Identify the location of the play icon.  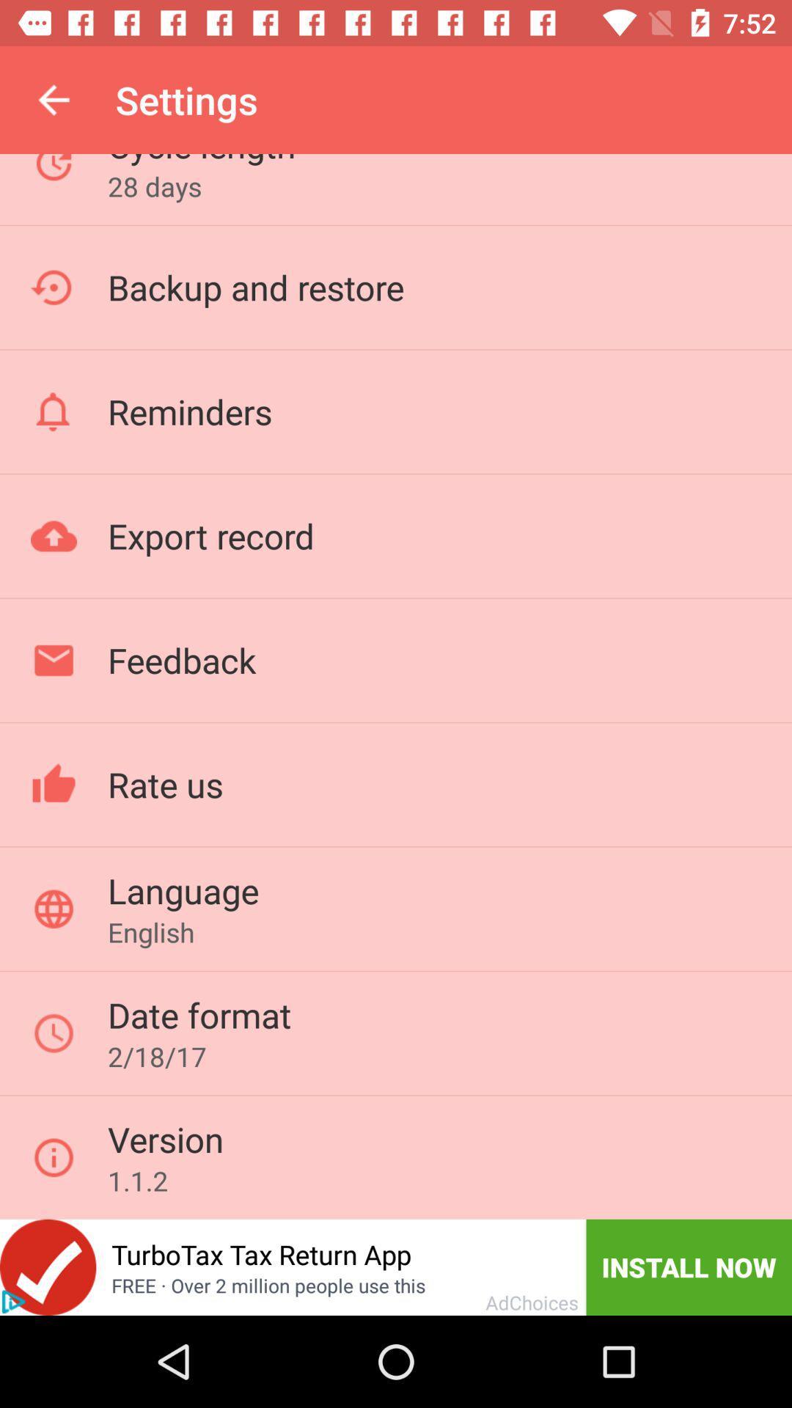
(13, 1302).